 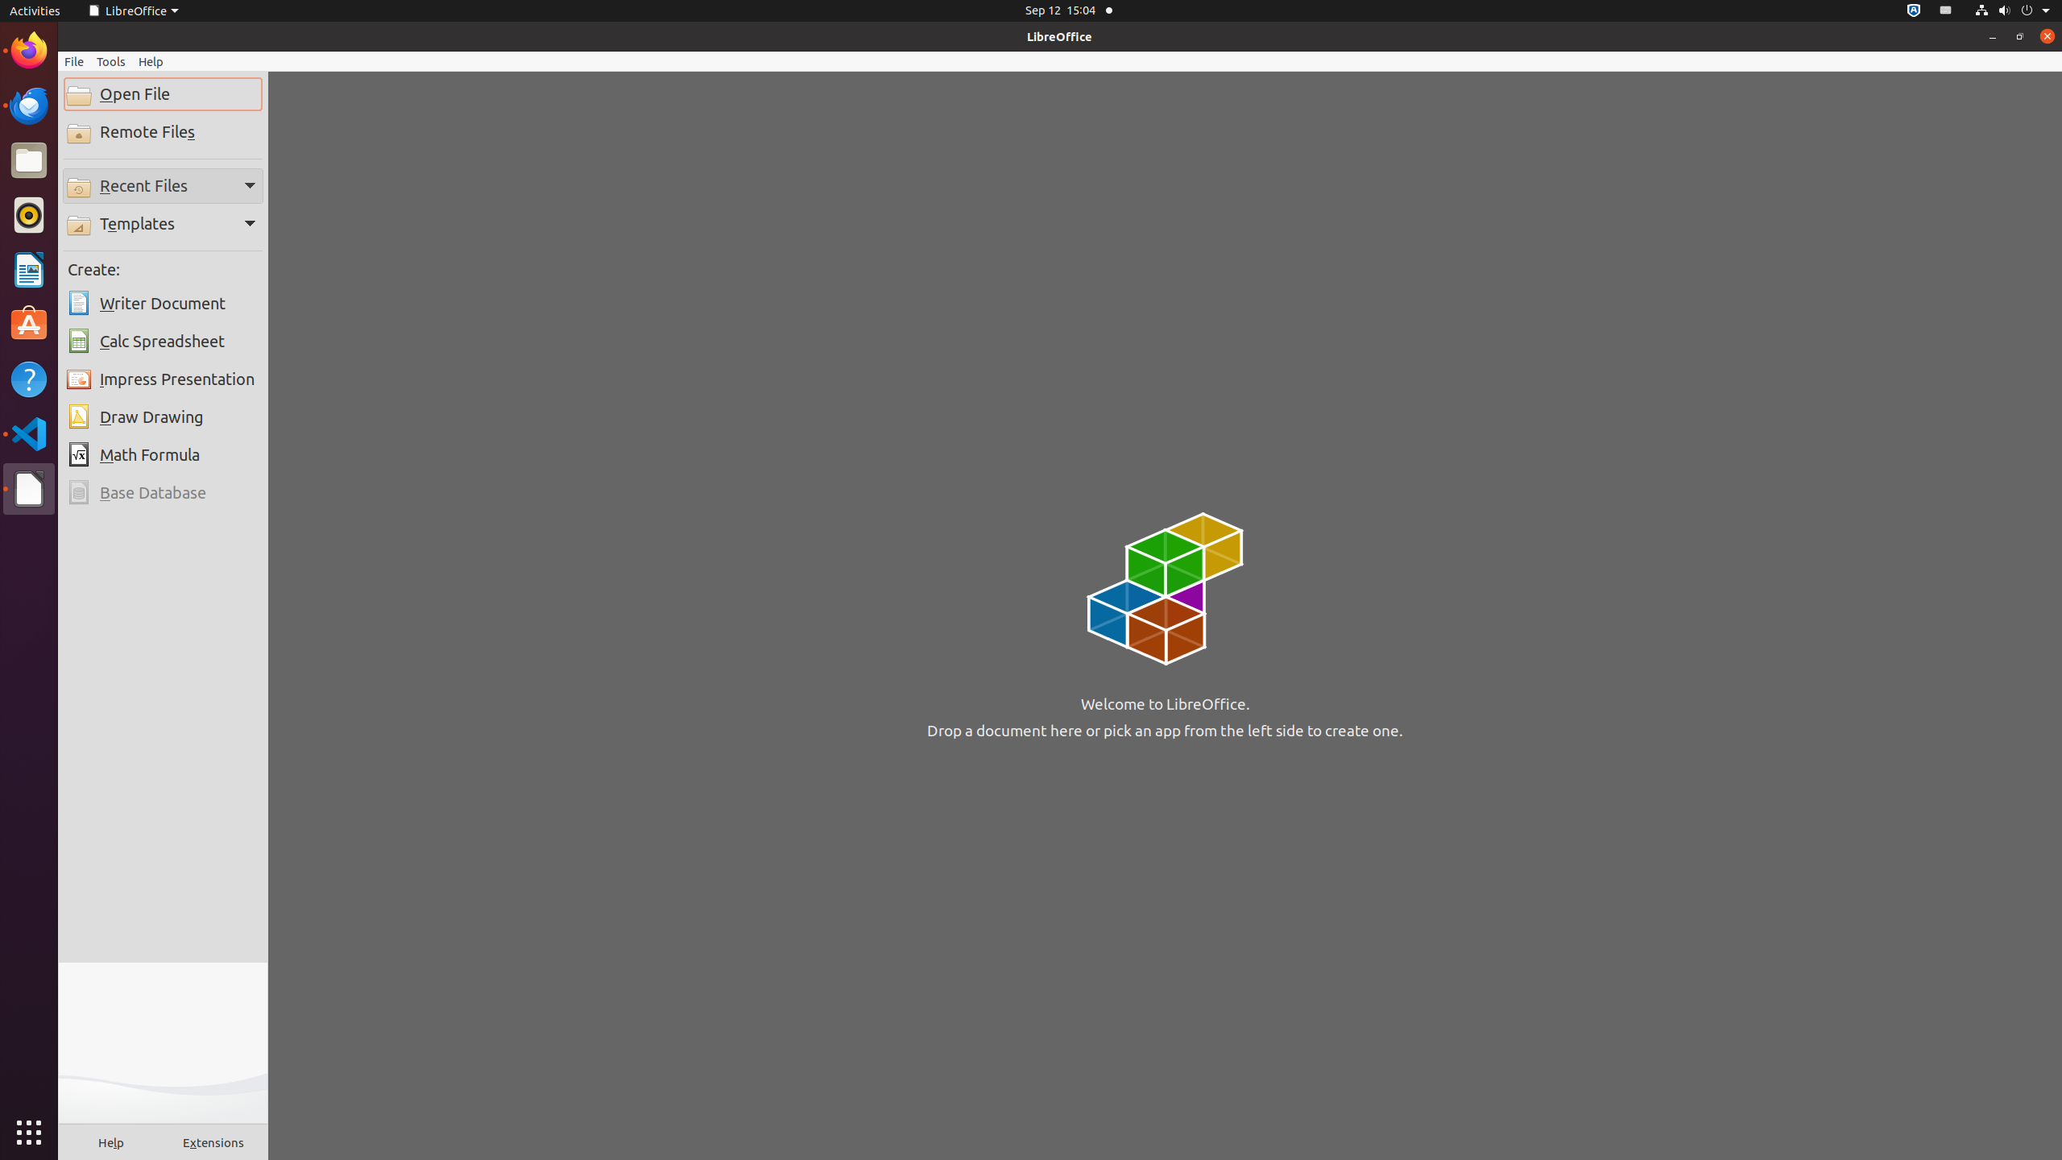 I want to click on 'Writer Document', so click(x=162, y=302).